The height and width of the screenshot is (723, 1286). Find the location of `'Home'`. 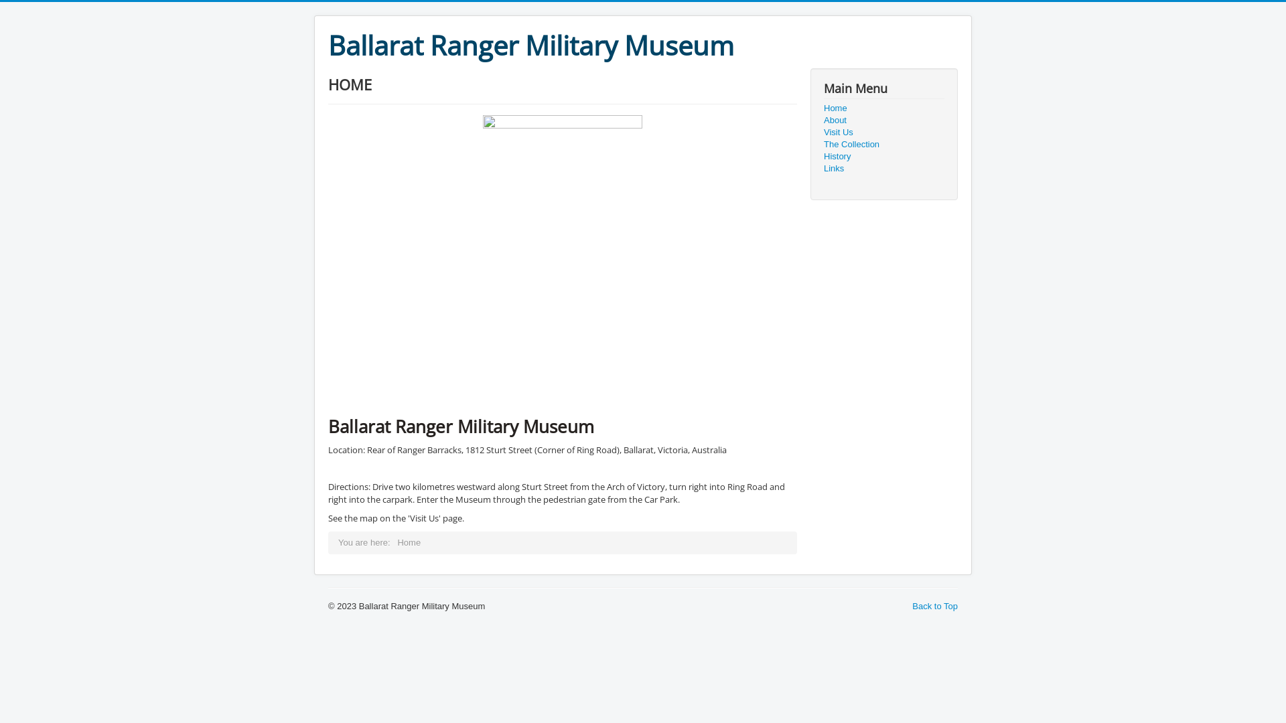

'Home' is located at coordinates (884, 108).